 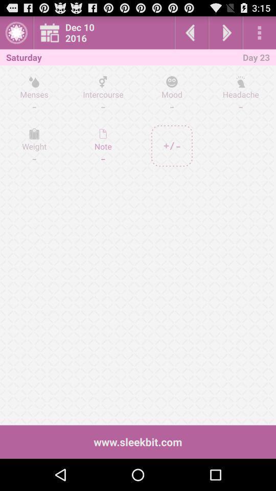 What do you see at coordinates (259, 32) in the screenshot?
I see `more option` at bounding box center [259, 32].